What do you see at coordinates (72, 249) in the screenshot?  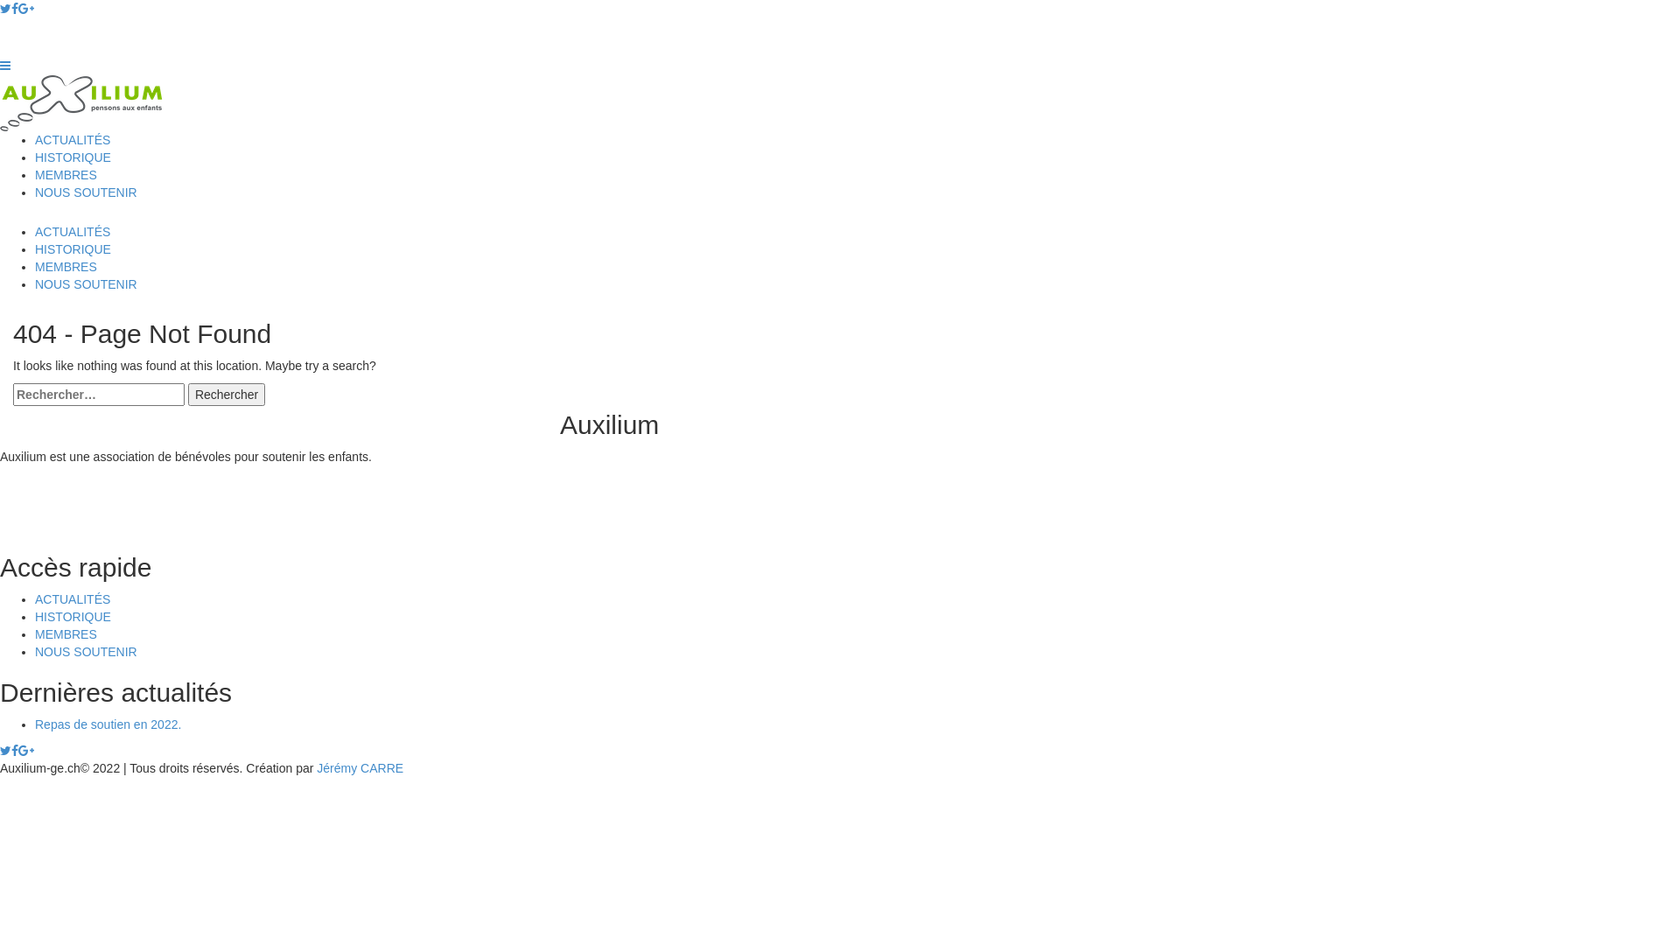 I see `'HISTORIQUE'` at bounding box center [72, 249].